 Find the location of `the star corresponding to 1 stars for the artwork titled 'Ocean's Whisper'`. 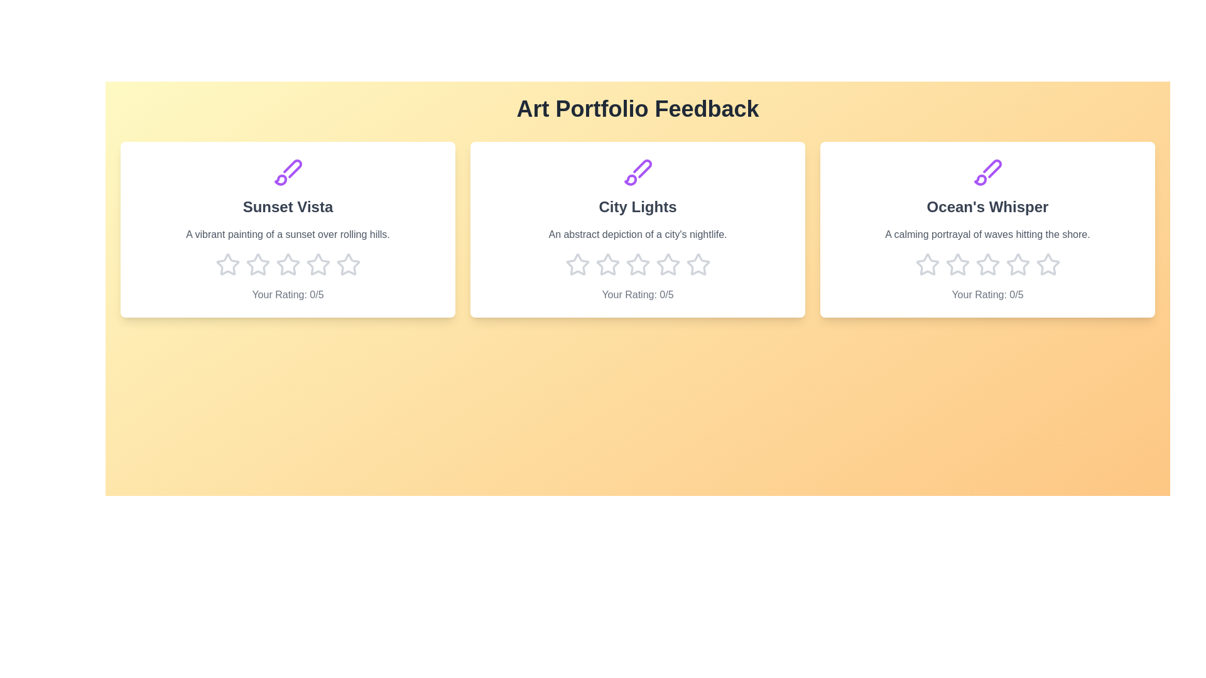

the star corresponding to 1 stars for the artwork titled 'Ocean's Whisper' is located at coordinates (927, 264).